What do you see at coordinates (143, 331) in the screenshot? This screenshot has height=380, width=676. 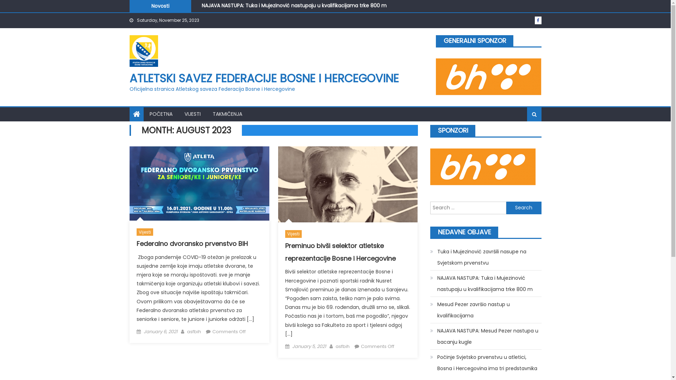 I see `'January 6, 2021'` at bounding box center [143, 331].